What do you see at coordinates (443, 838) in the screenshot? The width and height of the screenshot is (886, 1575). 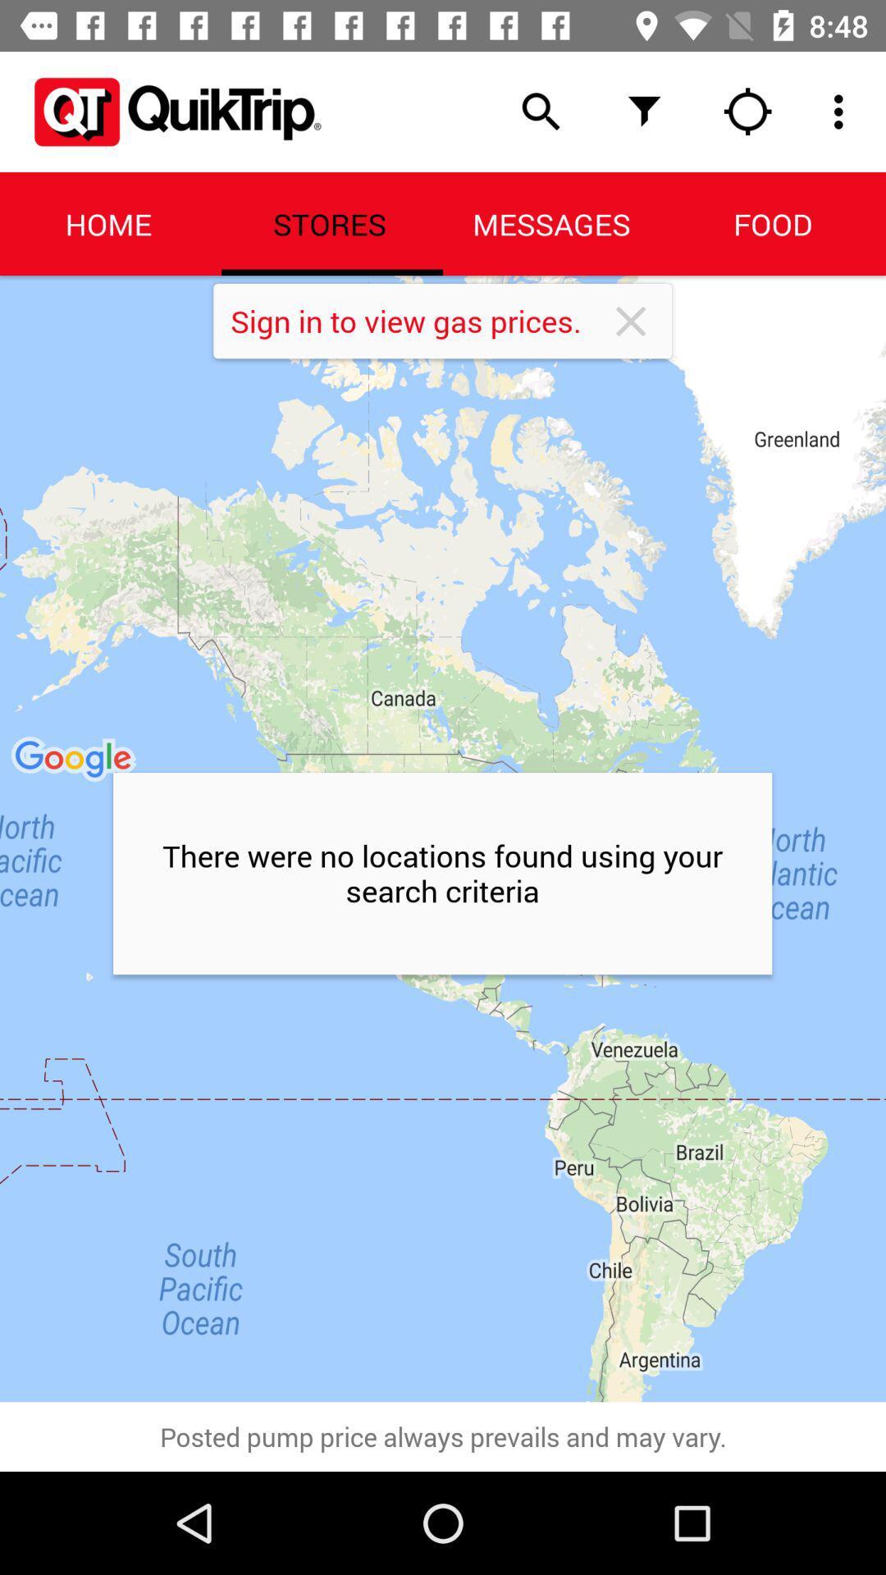 I see `the icon below home item` at bounding box center [443, 838].